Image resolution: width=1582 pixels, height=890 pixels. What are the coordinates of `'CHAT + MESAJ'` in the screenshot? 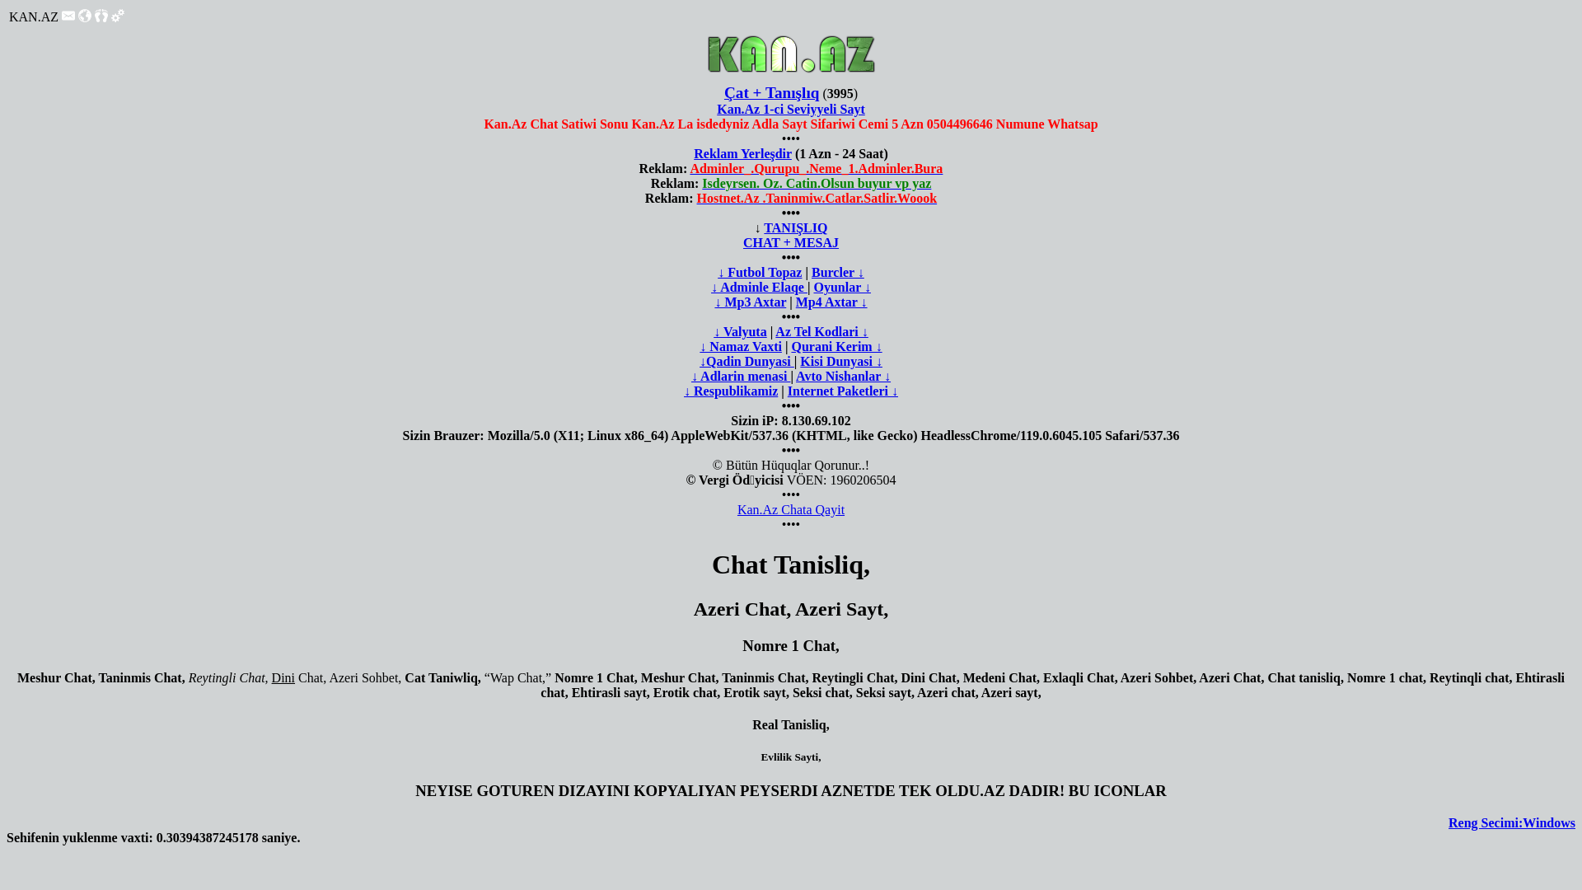 It's located at (791, 242).